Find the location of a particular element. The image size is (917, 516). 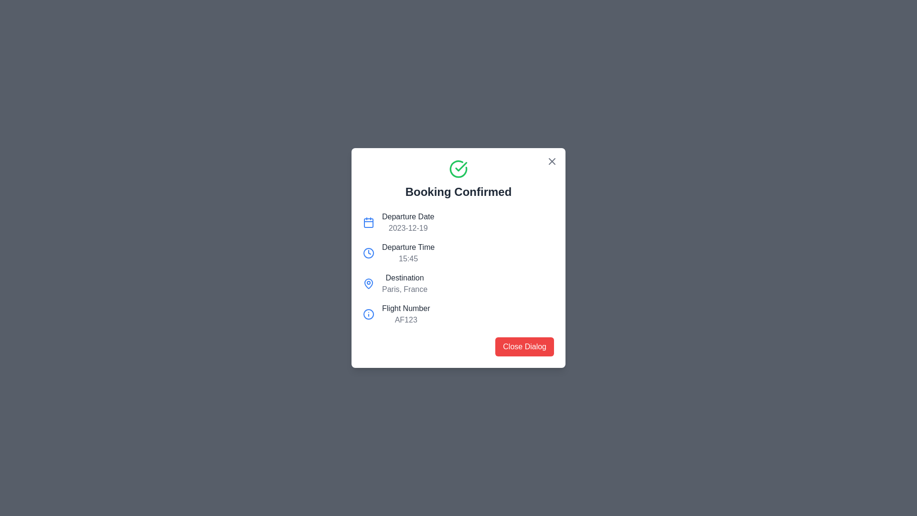

the circular clock icon with a blue border located to the left of the 'Departure Time' label in the confirmation dialog box is located at coordinates (368, 252).